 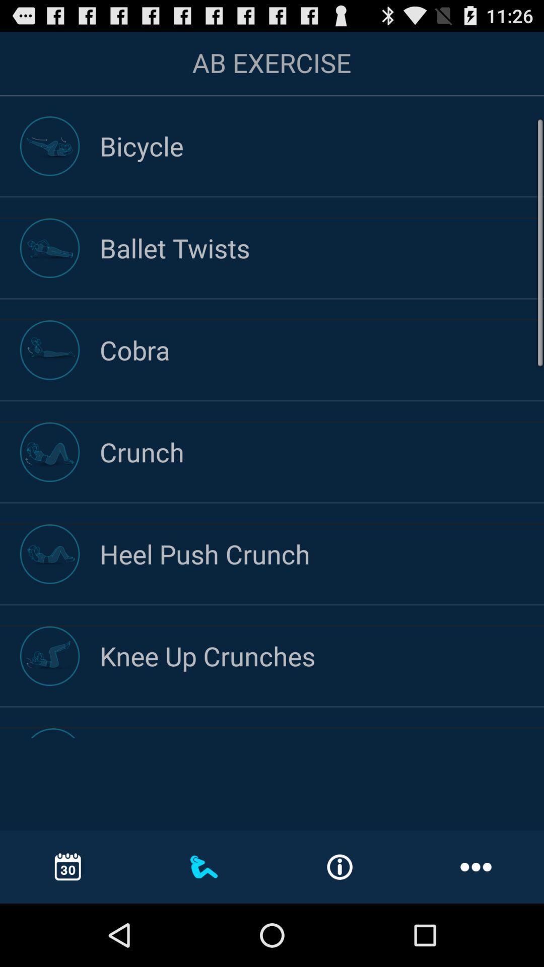 What do you see at coordinates (340, 867) in the screenshot?
I see `info button which is beside three horizontal dots at the bottom of the page` at bounding box center [340, 867].